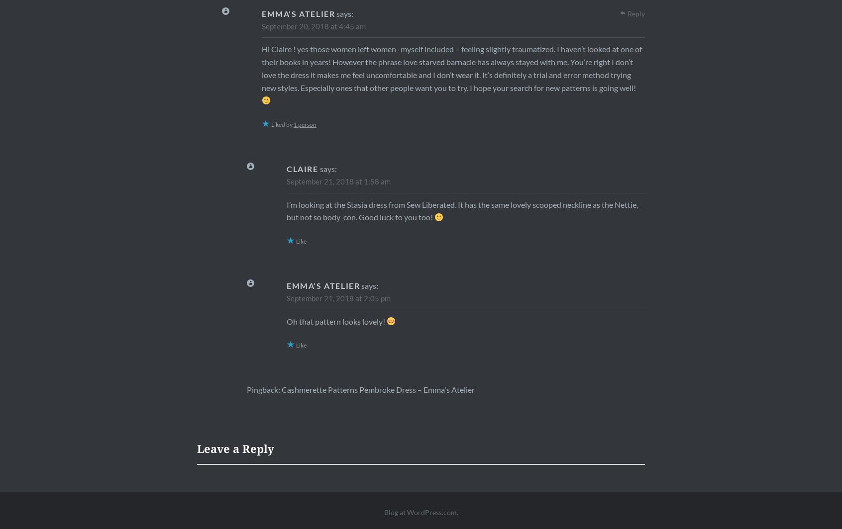 This screenshot has width=842, height=529. Describe the element at coordinates (286, 181) in the screenshot. I see `'September 21, 2018 at 1:58 am'` at that location.